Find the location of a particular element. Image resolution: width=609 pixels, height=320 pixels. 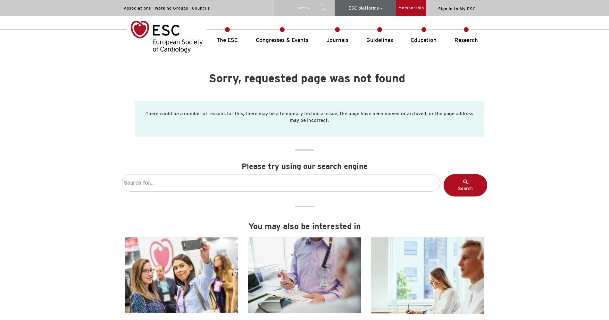

'Search' is located at coordinates (465, 188).